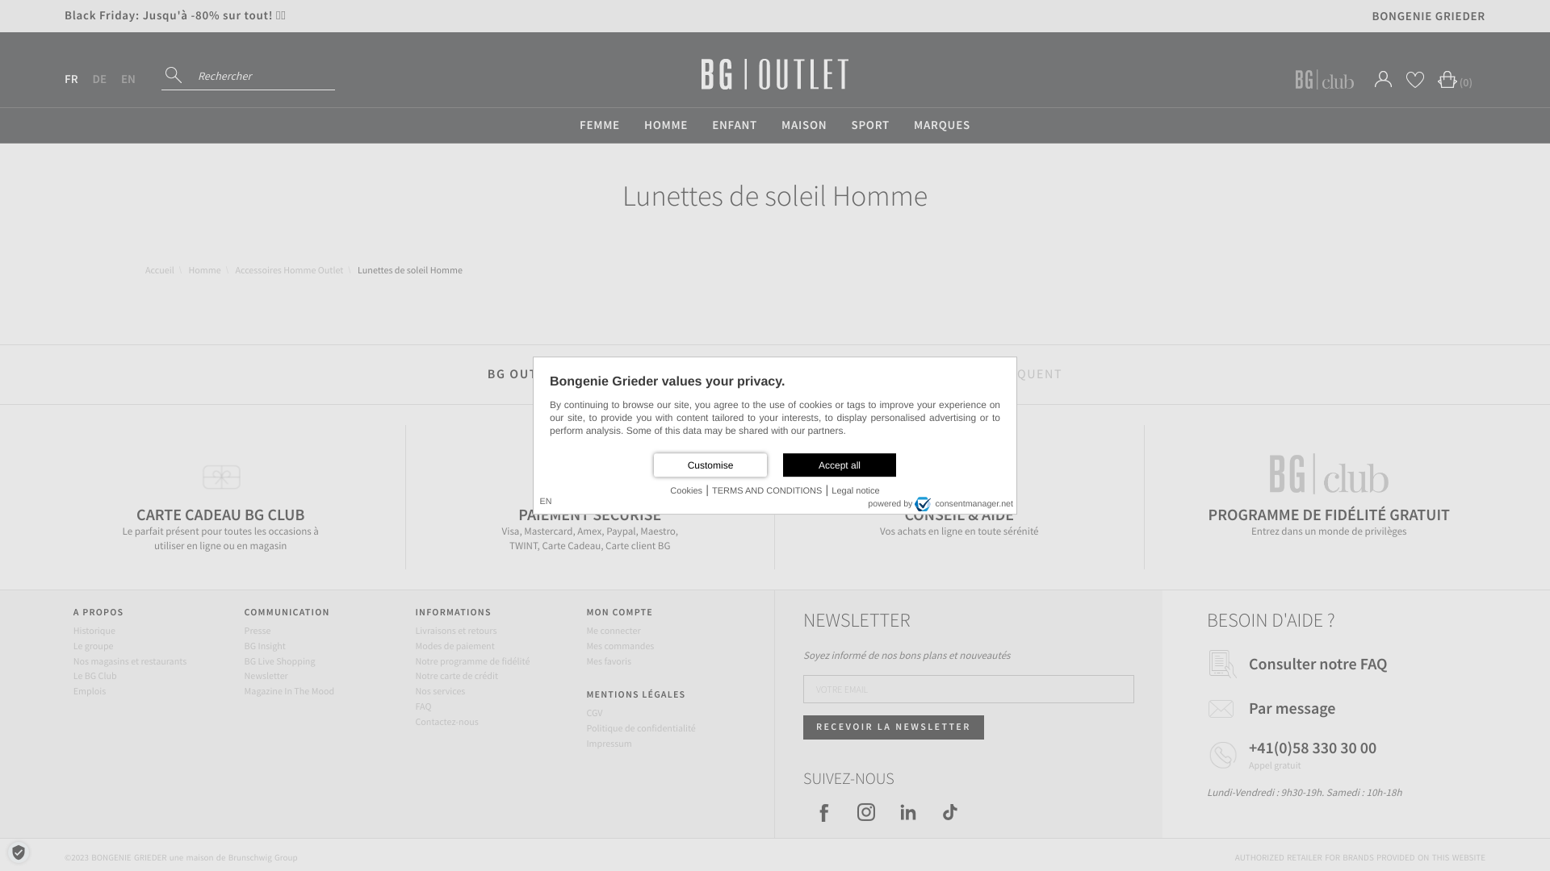 The width and height of the screenshot is (1550, 871). I want to click on 'Par message', so click(1247, 707).